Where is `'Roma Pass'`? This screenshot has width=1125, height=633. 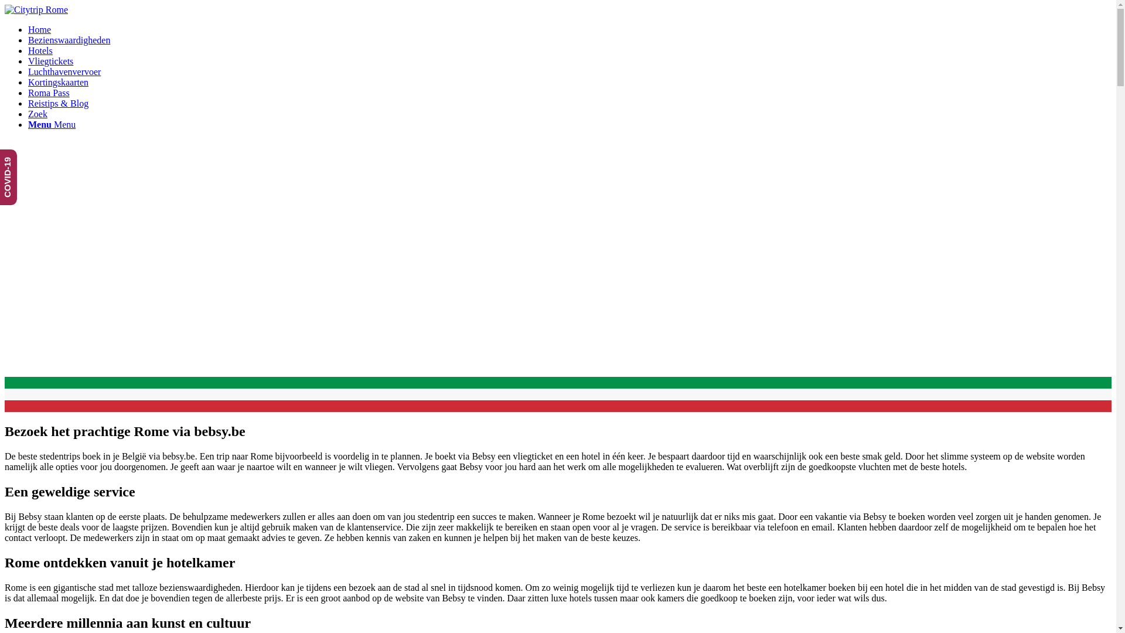 'Roma Pass' is located at coordinates (48, 92).